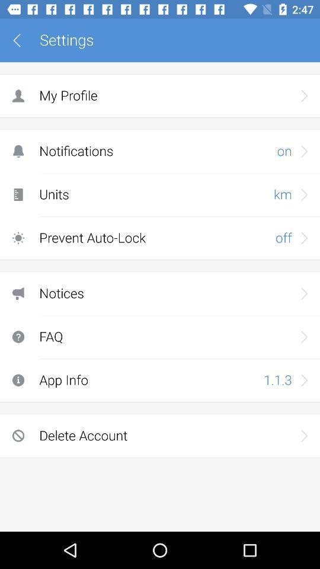  What do you see at coordinates (21, 40) in the screenshot?
I see `go back` at bounding box center [21, 40].